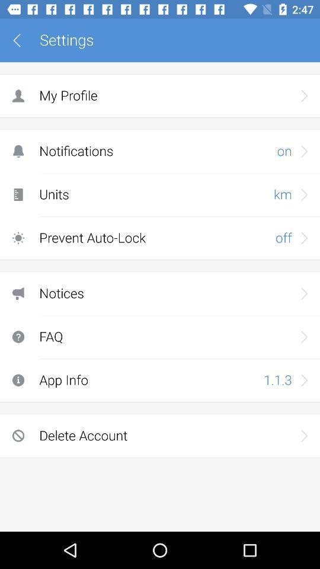  What do you see at coordinates (21, 40) in the screenshot?
I see `go back` at bounding box center [21, 40].